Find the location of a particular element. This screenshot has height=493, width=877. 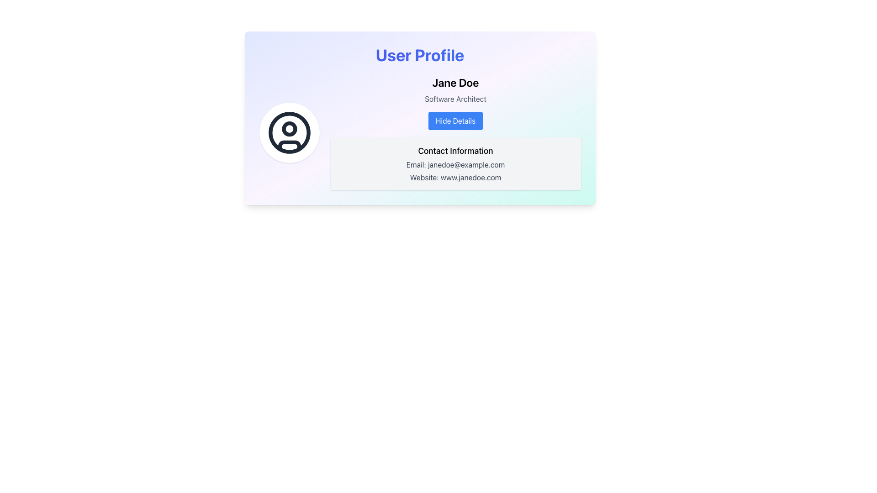

the Text label indicating the professional title or role of the person whose profile is being viewed, located beneath the 'Jane Doe' heading and above the 'Hide Details' button is located at coordinates (455, 99).